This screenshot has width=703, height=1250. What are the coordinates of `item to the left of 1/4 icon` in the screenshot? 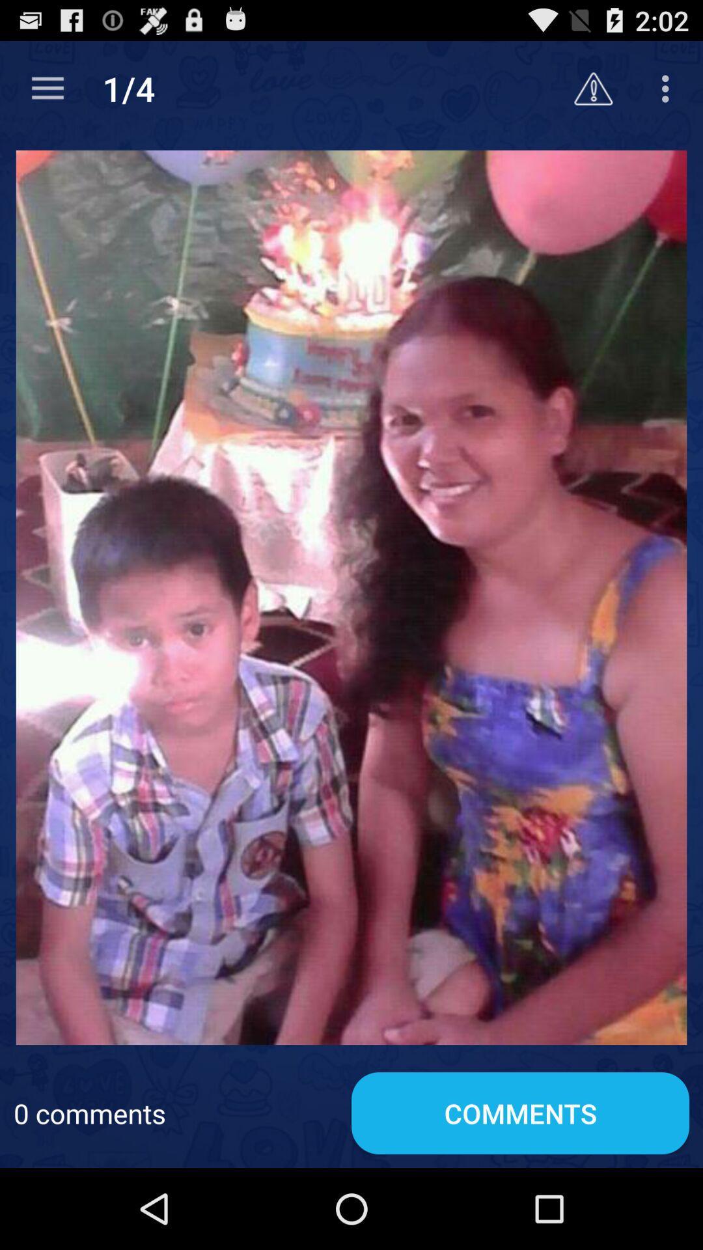 It's located at (47, 88).